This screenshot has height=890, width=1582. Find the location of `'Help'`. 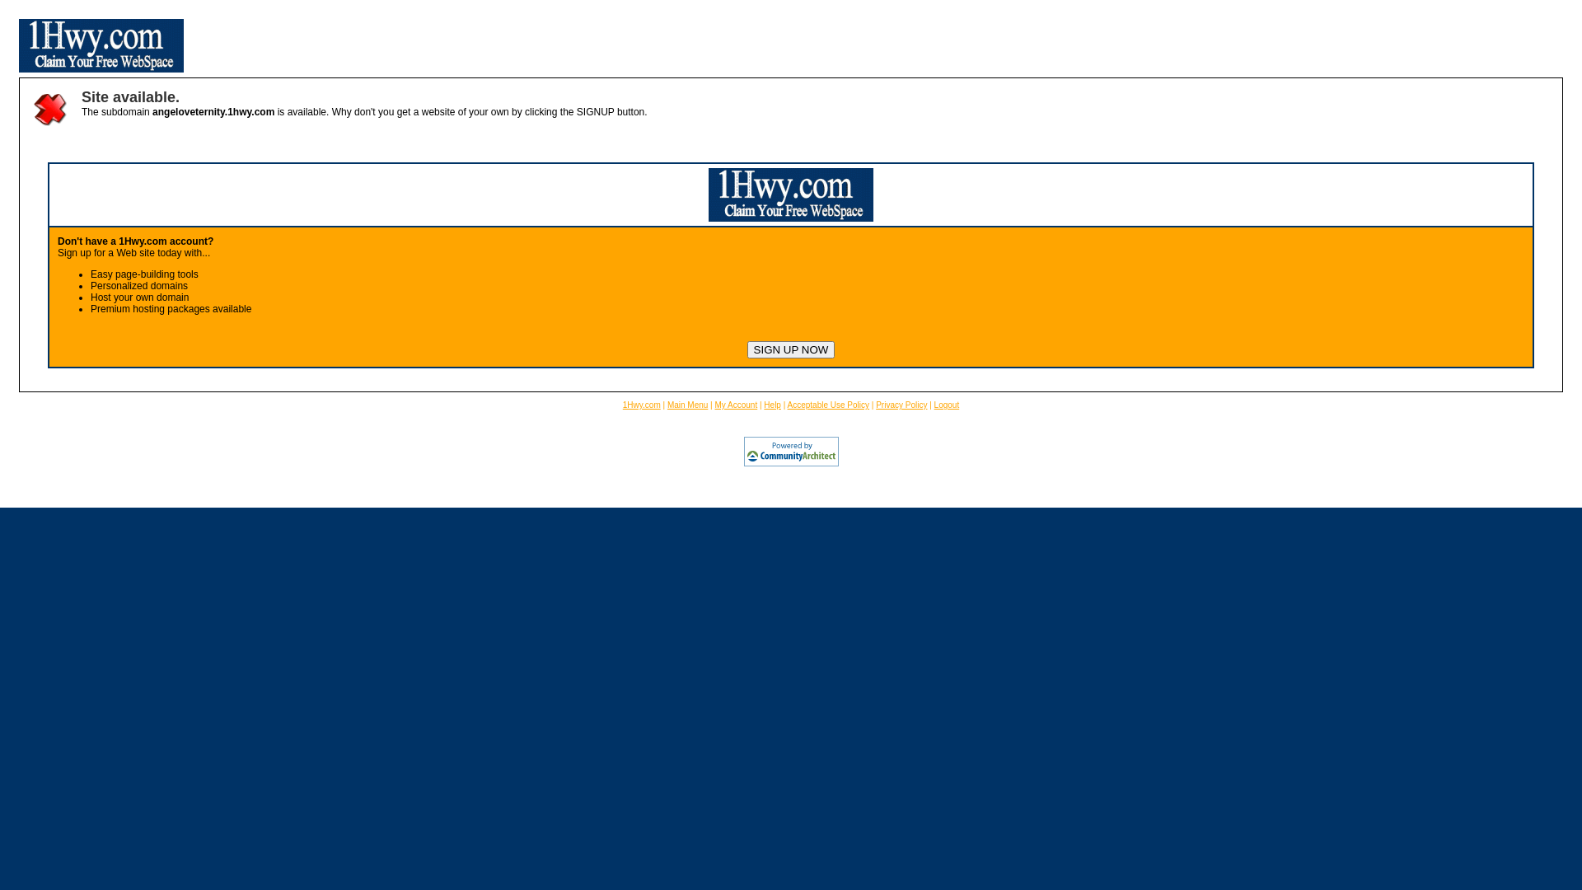

'Help' is located at coordinates (771, 405).